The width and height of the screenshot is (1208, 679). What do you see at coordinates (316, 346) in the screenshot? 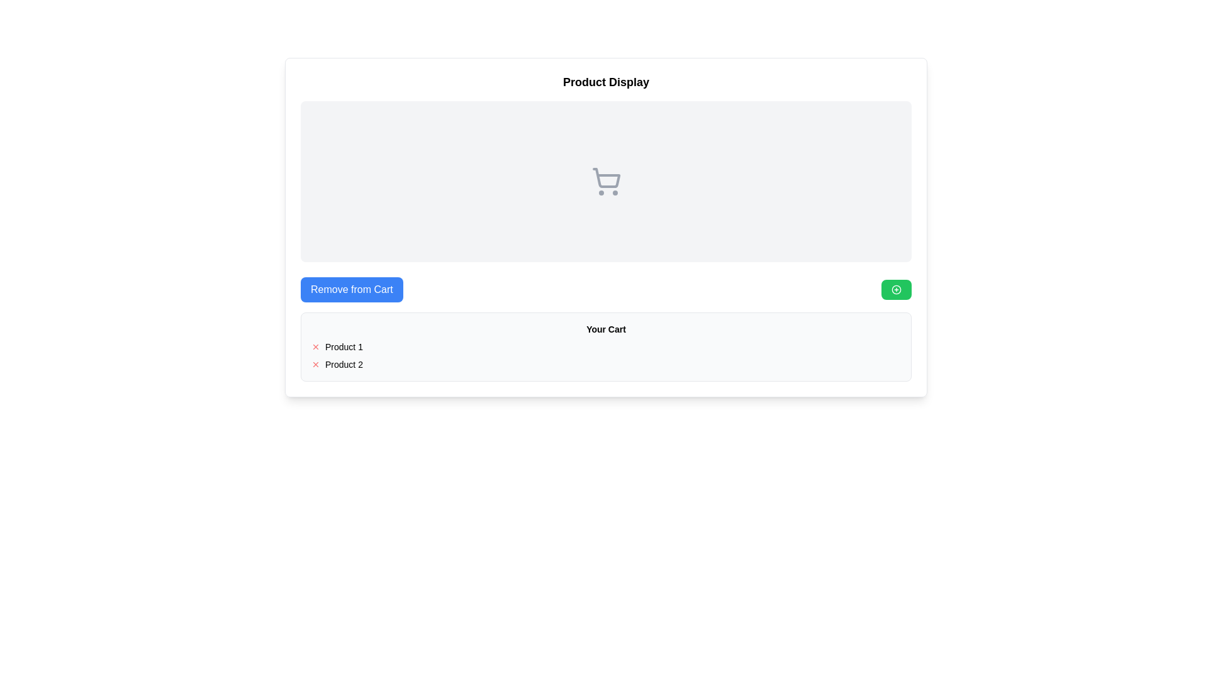
I see `the cross icon button` at bounding box center [316, 346].